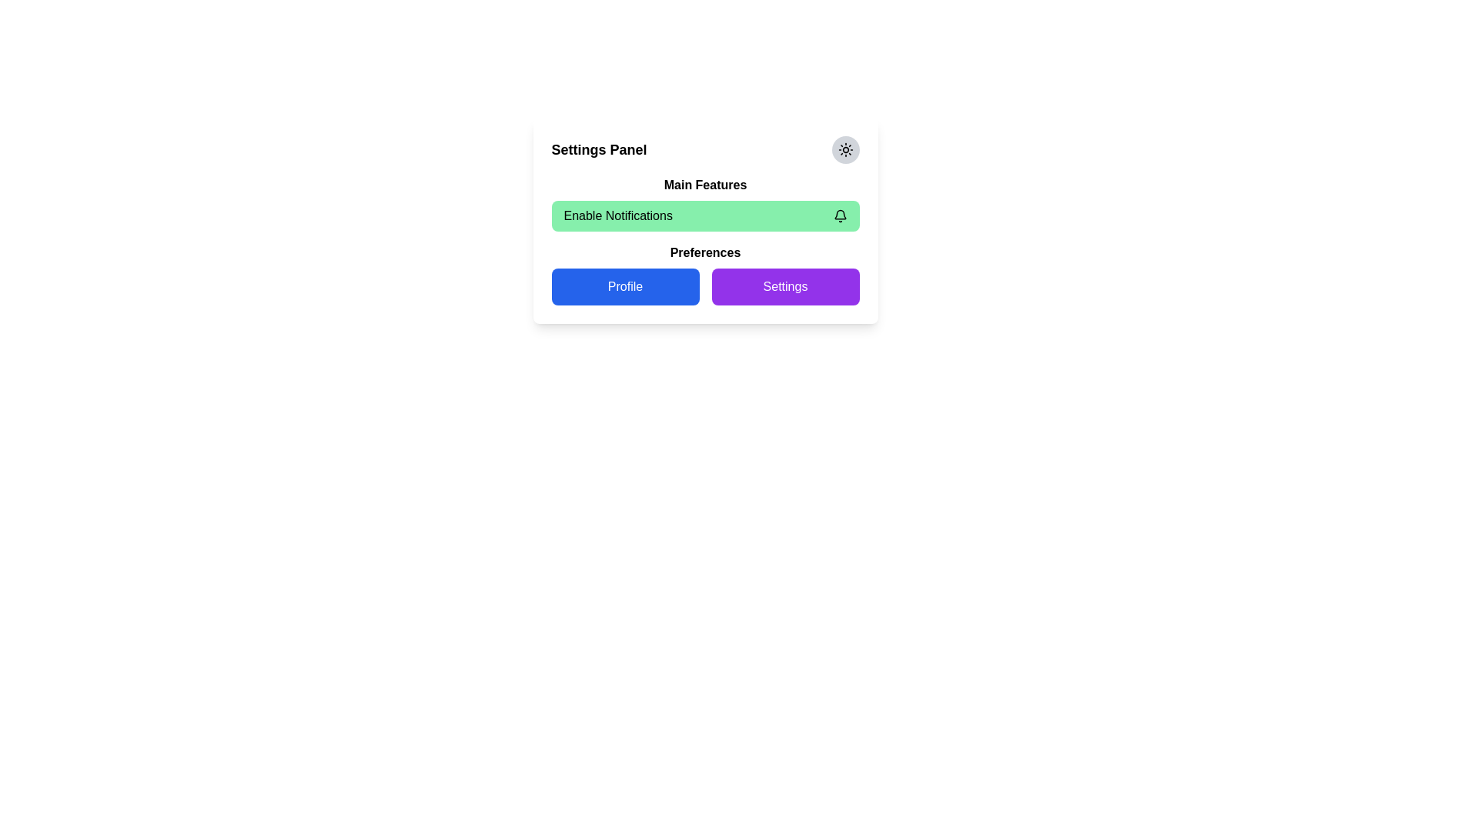 The height and width of the screenshot is (831, 1478). What do you see at coordinates (704, 184) in the screenshot?
I see `the bold, medium-sized text label 'Main Features' that is centrally aligned and positioned above the green 'Enable Notifications' button` at bounding box center [704, 184].